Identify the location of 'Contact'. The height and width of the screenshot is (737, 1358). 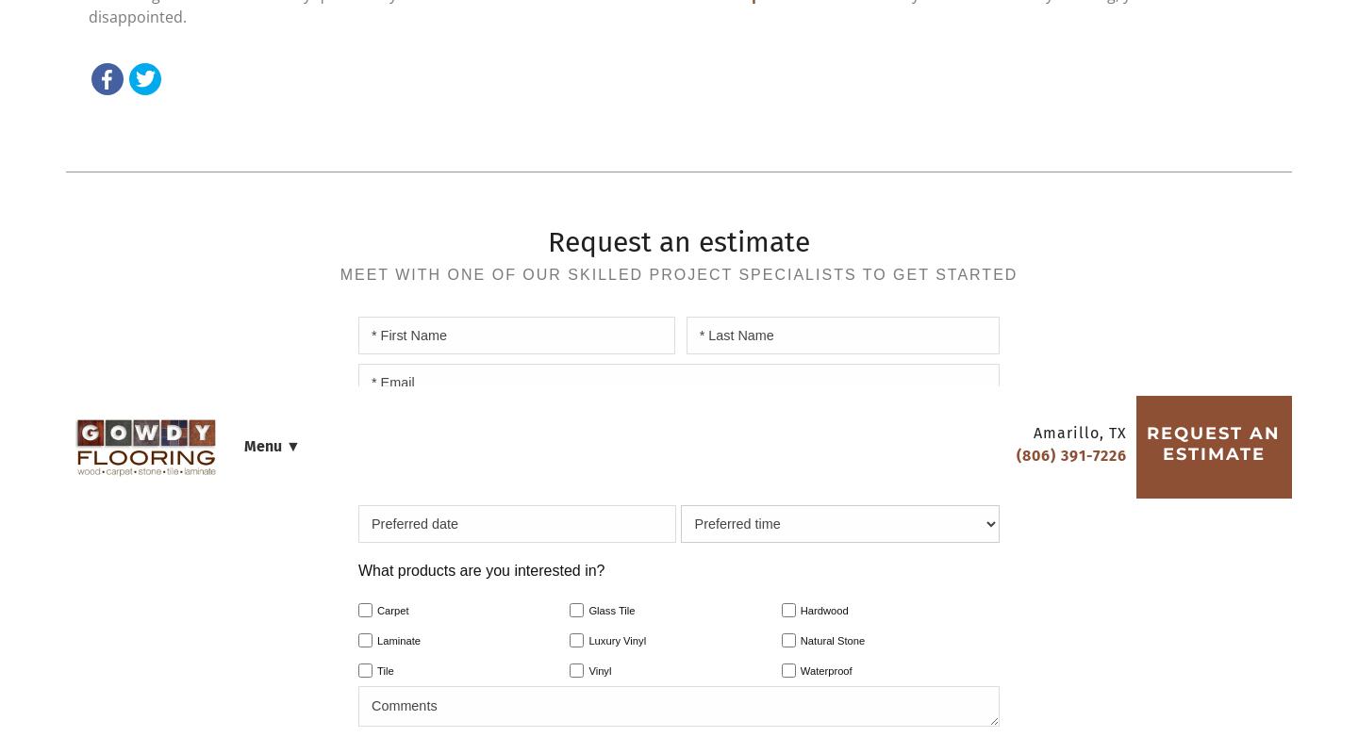
(838, 74).